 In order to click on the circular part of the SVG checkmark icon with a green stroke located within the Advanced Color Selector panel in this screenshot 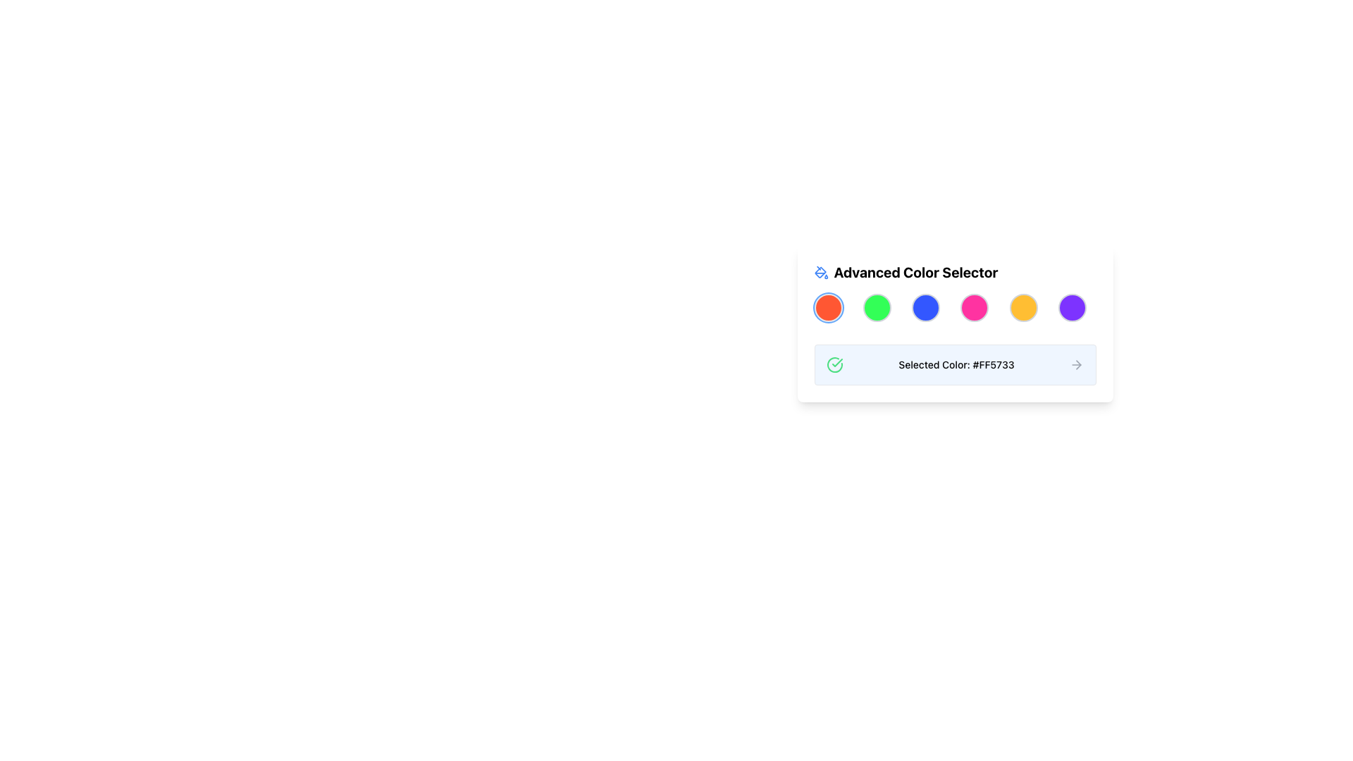, I will do `click(834, 364)`.